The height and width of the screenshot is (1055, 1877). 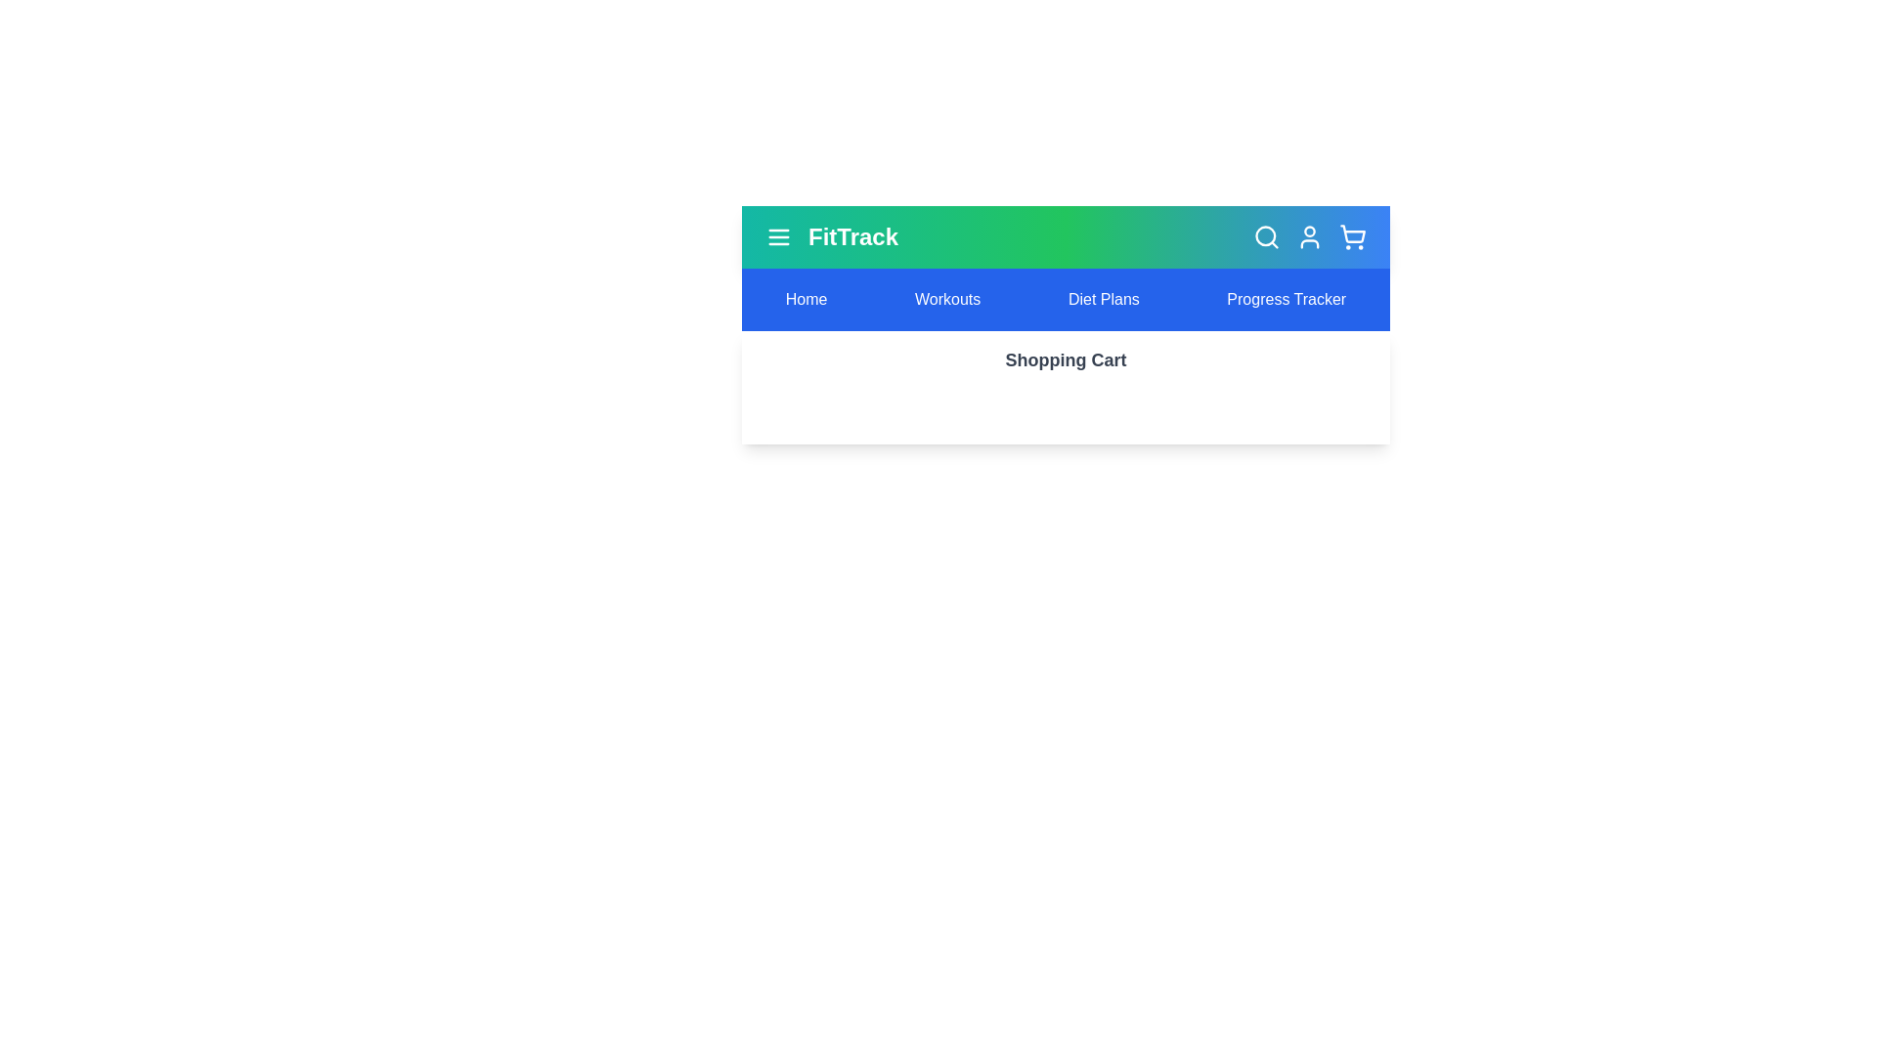 I want to click on the user icon to trigger its visual feedback, so click(x=1309, y=236).